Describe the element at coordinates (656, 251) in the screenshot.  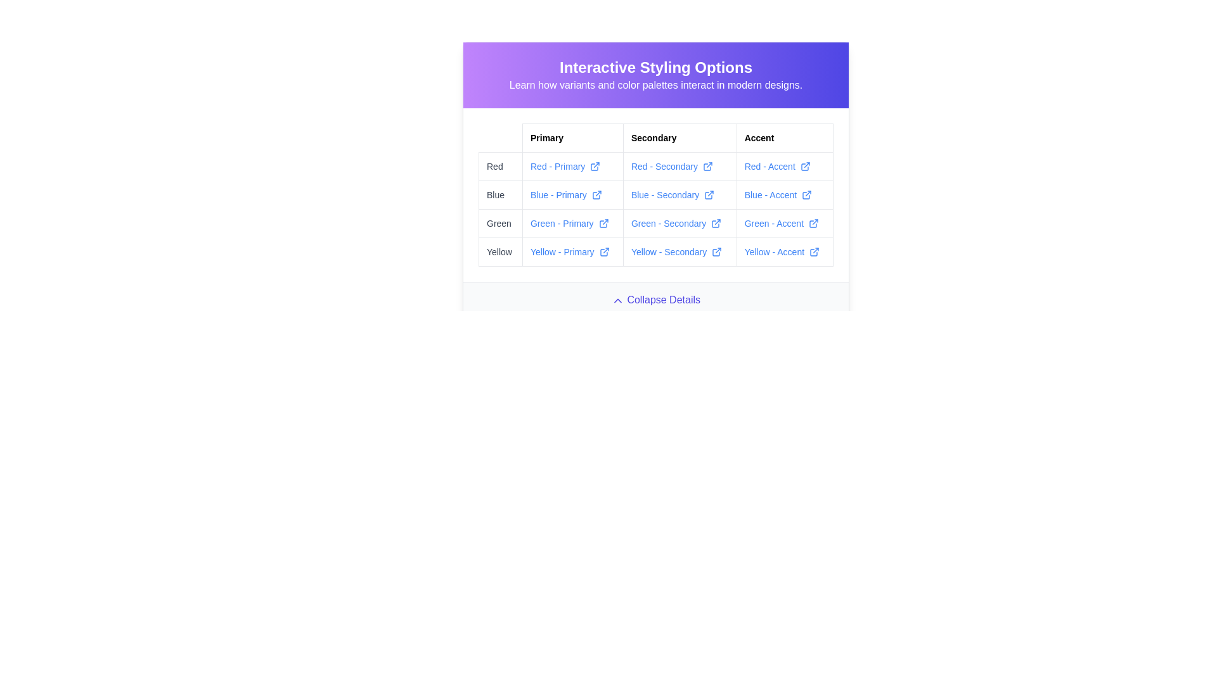
I see `the hyperlink` at that location.